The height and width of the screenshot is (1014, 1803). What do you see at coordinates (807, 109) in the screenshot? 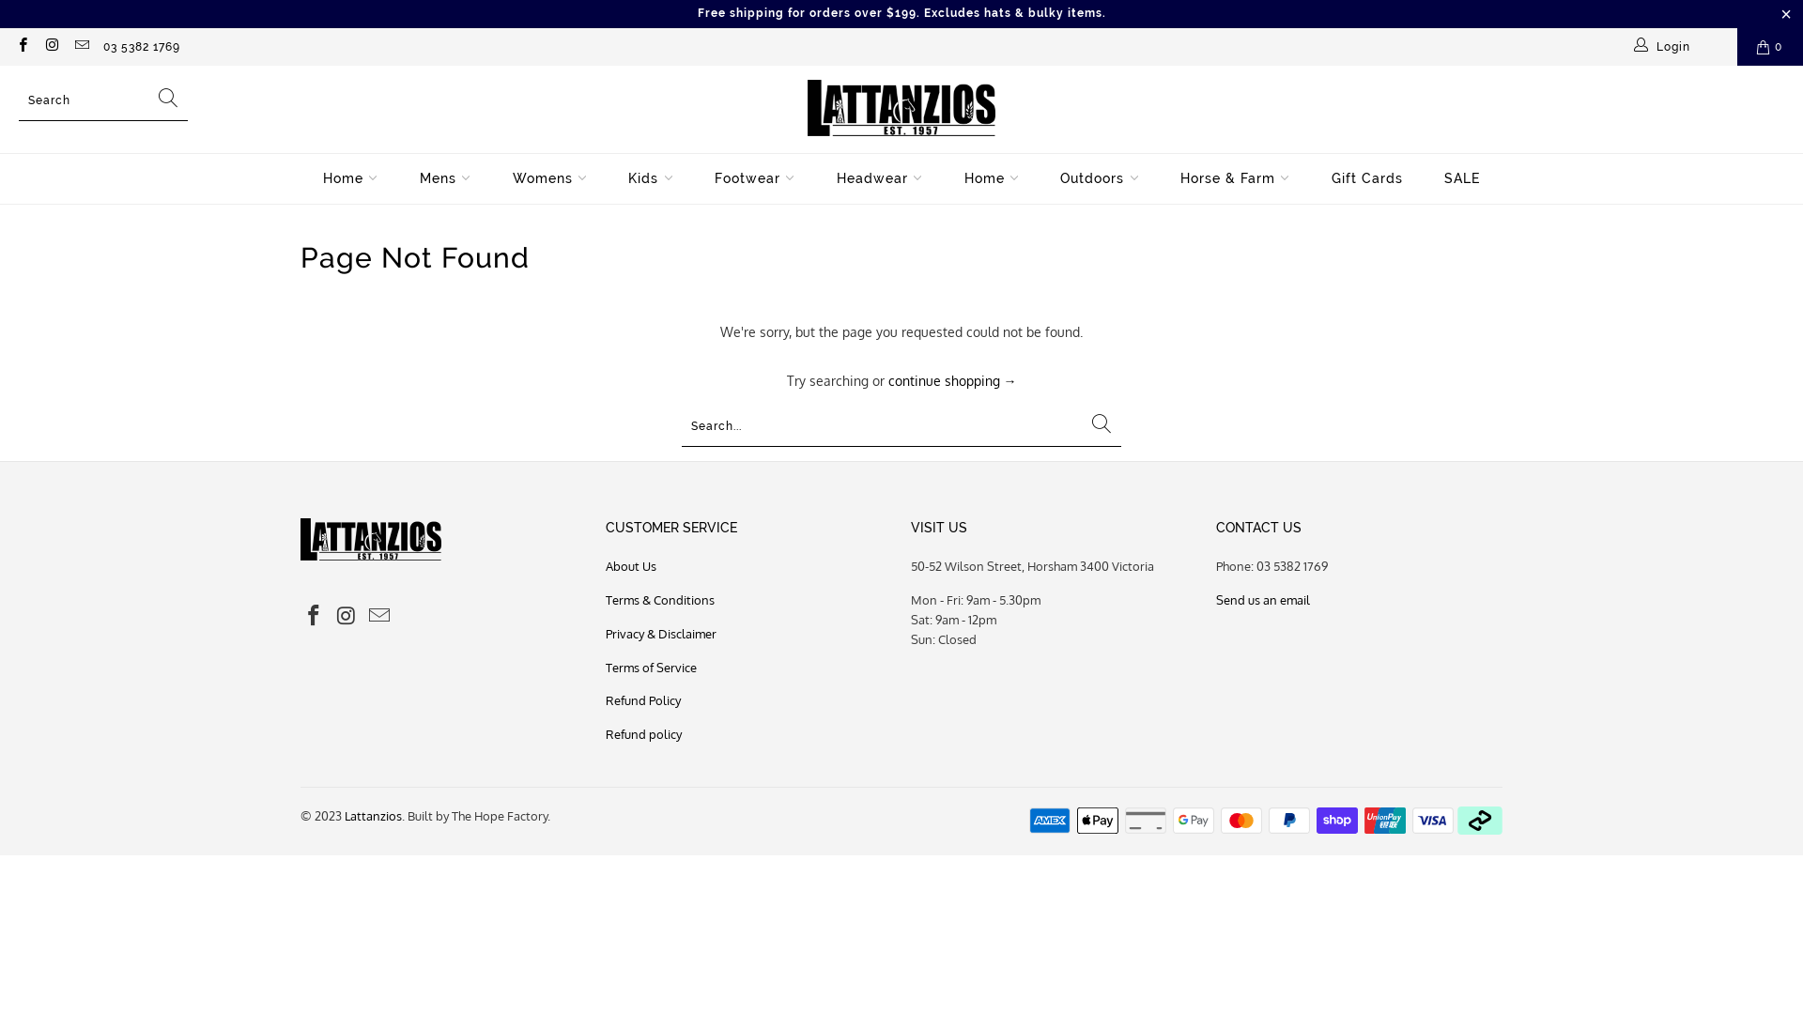
I see `'Lattanzios'` at bounding box center [807, 109].